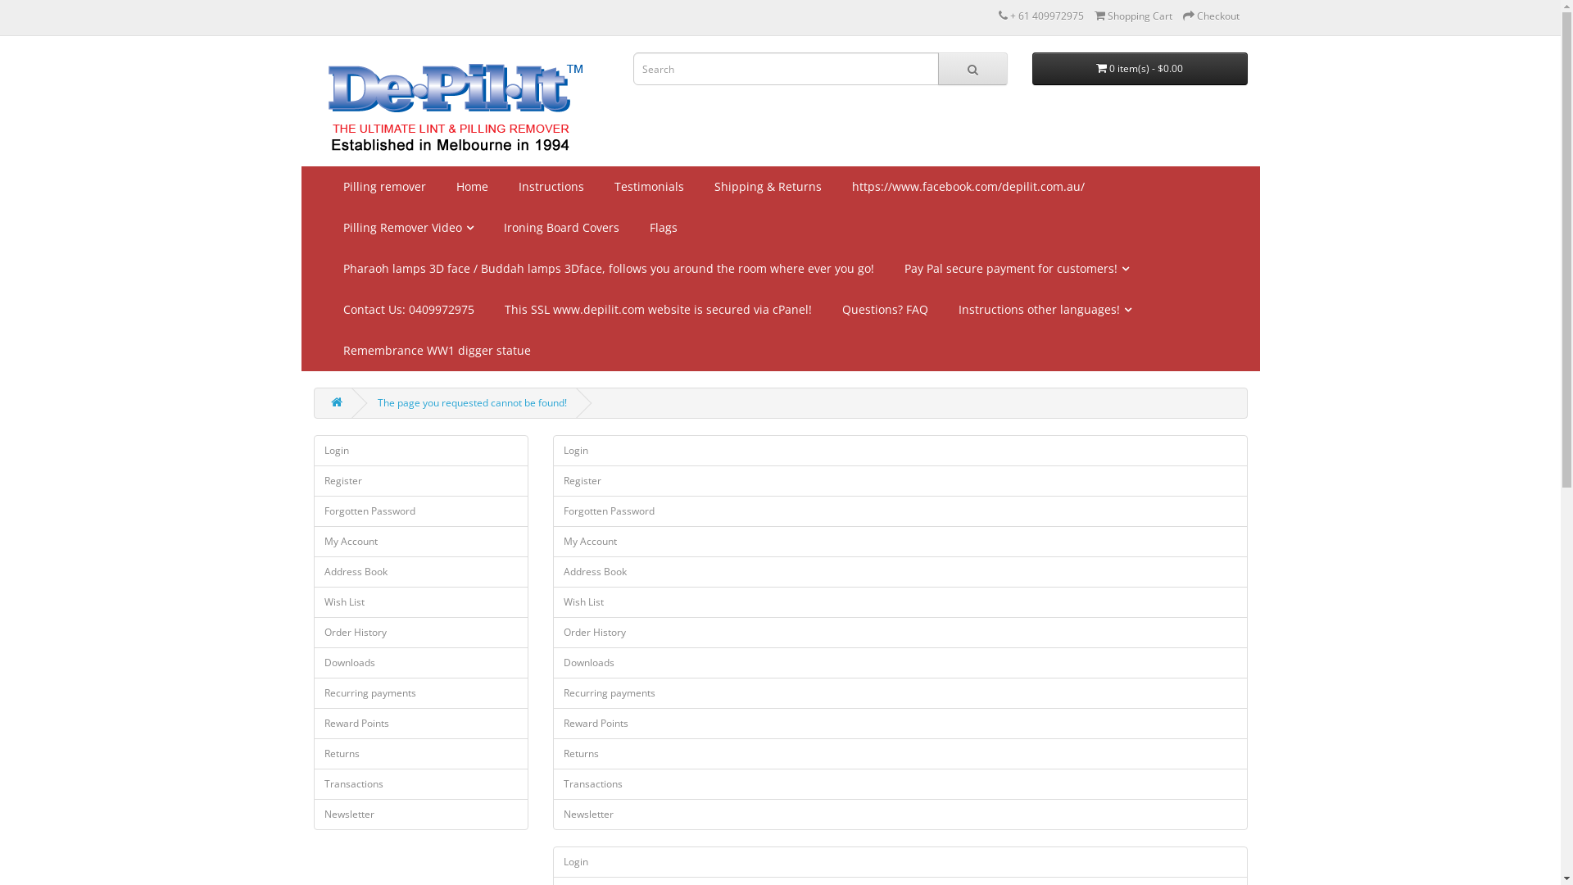 This screenshot has height=885, width=1573. I want to click on 'Reward Points', so click(420, 723).